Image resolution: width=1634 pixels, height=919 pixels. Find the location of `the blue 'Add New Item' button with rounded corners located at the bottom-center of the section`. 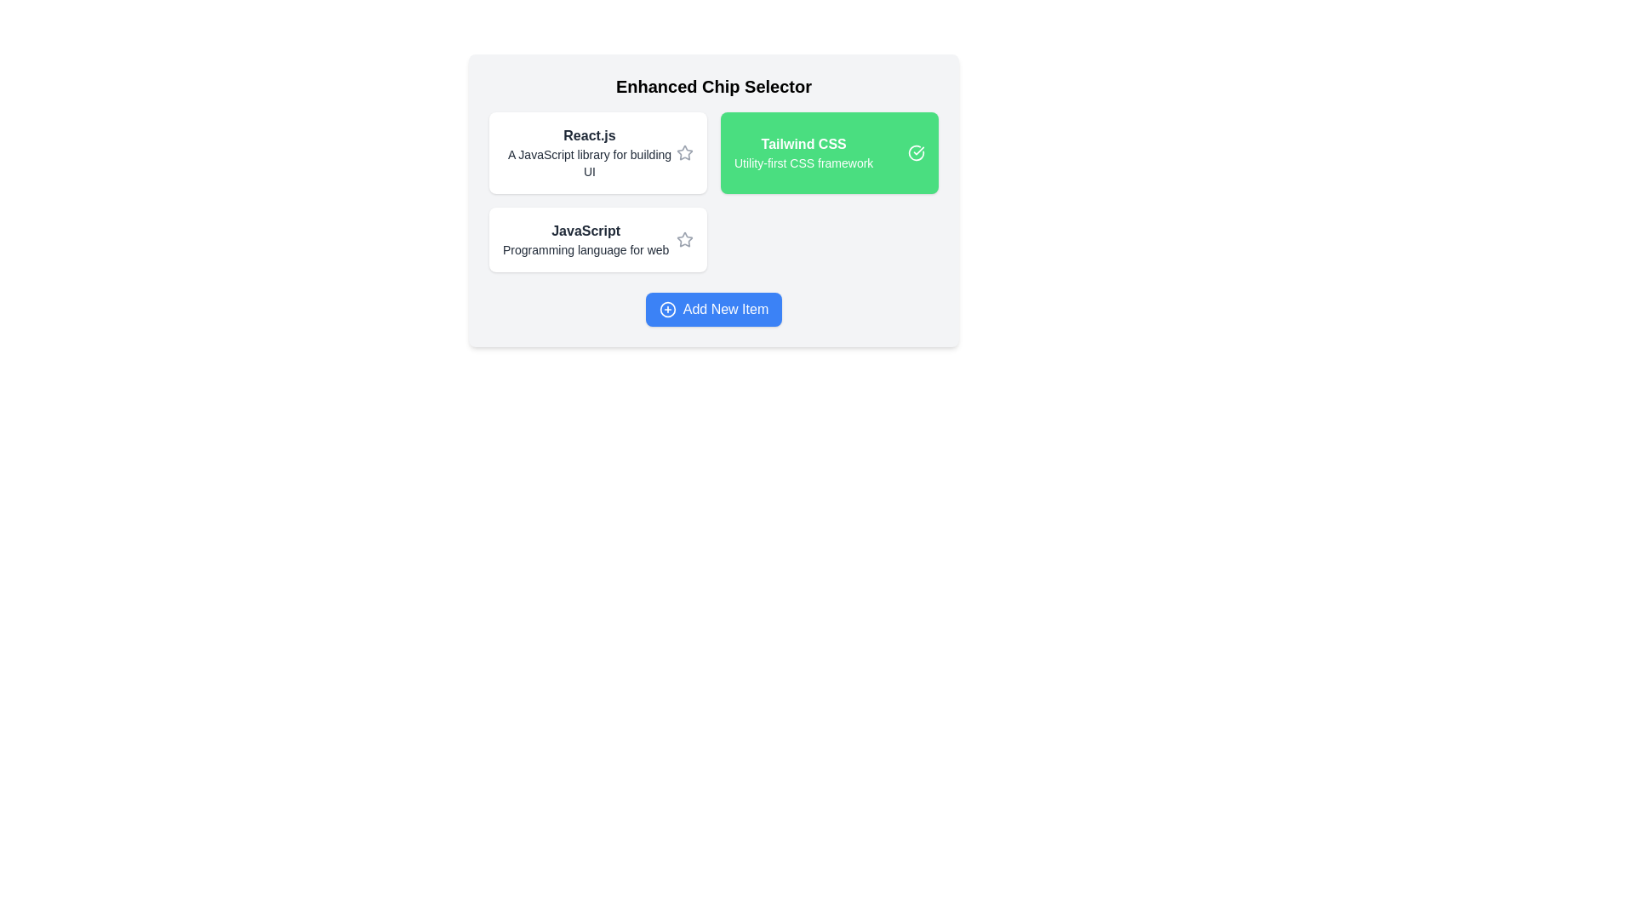

the blue 'Add New Item' button with rounded corners located at the bottom-center of the section is located at coordinates (714, 309).